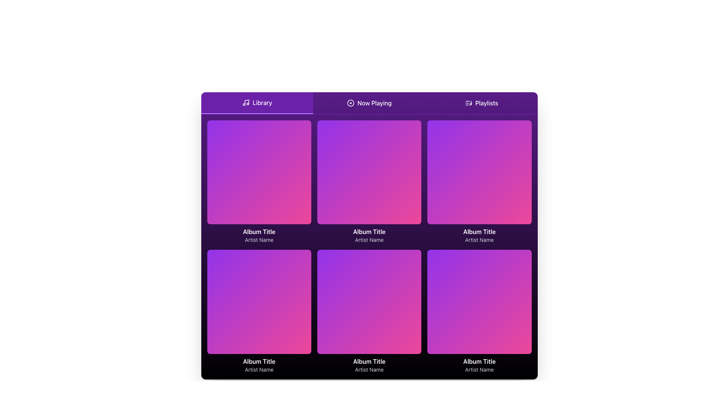  What do you see at coordinates (259, 364) in the screenshot?
I see `text information displayed in the album's title and artist section located at the bottom row of a 3x2 grid layout, centered under the gradient-filled square` at bounding box center [259, 364].